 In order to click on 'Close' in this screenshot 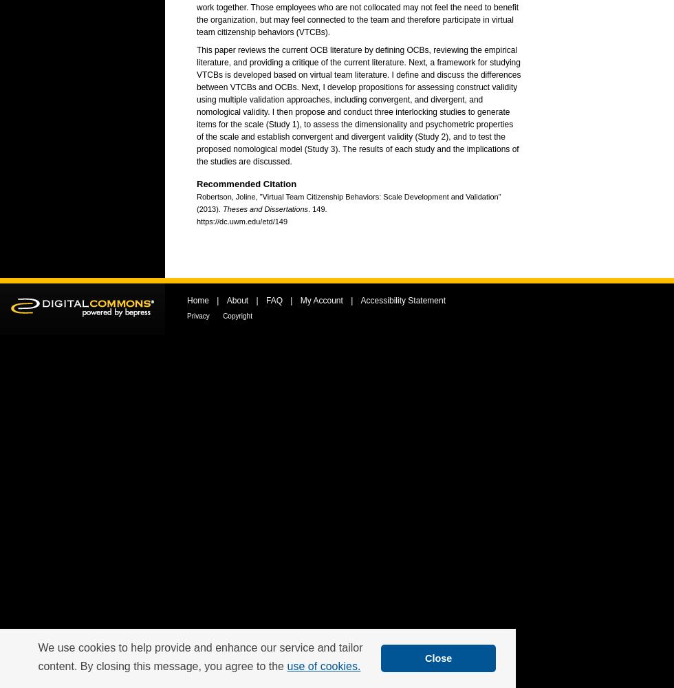, I will do `click(424, 657)`.